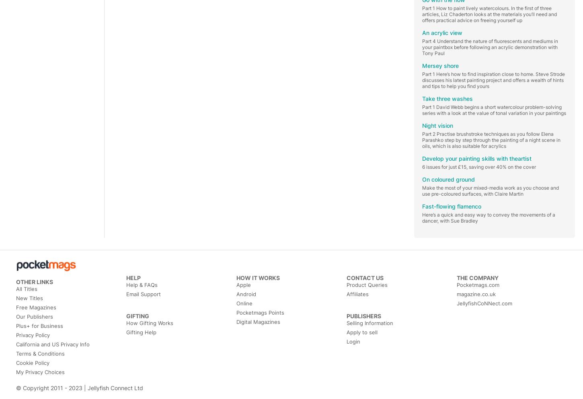 The width and height of the screenshot is (583, 399). What do you see at coordinates (52, 344) in the screenshot?
I see `'California and US Privacy Info'` at bounding box center [52, 344].